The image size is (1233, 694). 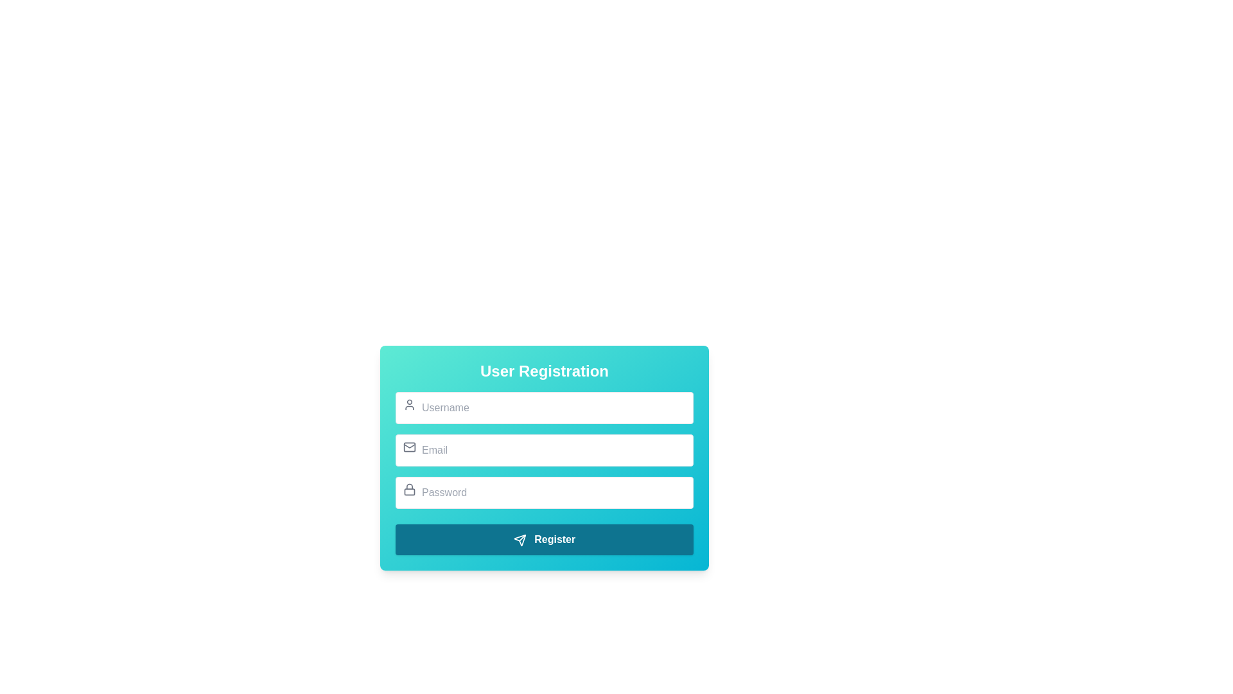 I want to click on the 'Register' button with a cyan blue background and white text, which is located at the bottom of the user registration form, so click(x=545, y=540).